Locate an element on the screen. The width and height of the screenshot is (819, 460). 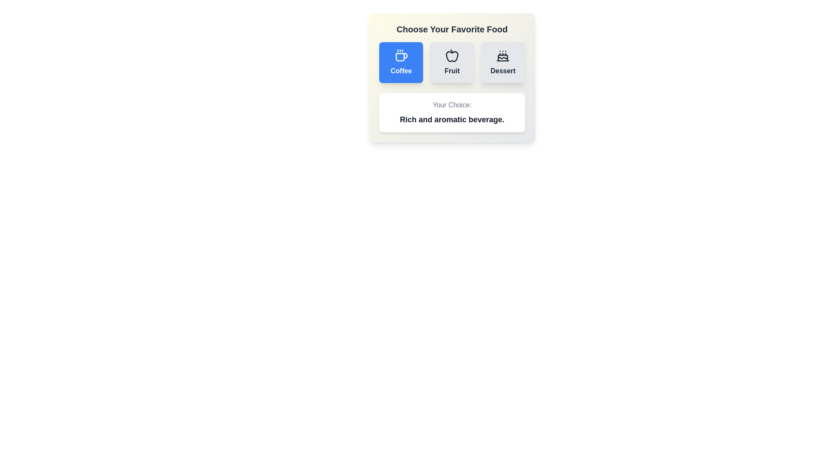
the food option Coffee is located at coordinates (401, 62).